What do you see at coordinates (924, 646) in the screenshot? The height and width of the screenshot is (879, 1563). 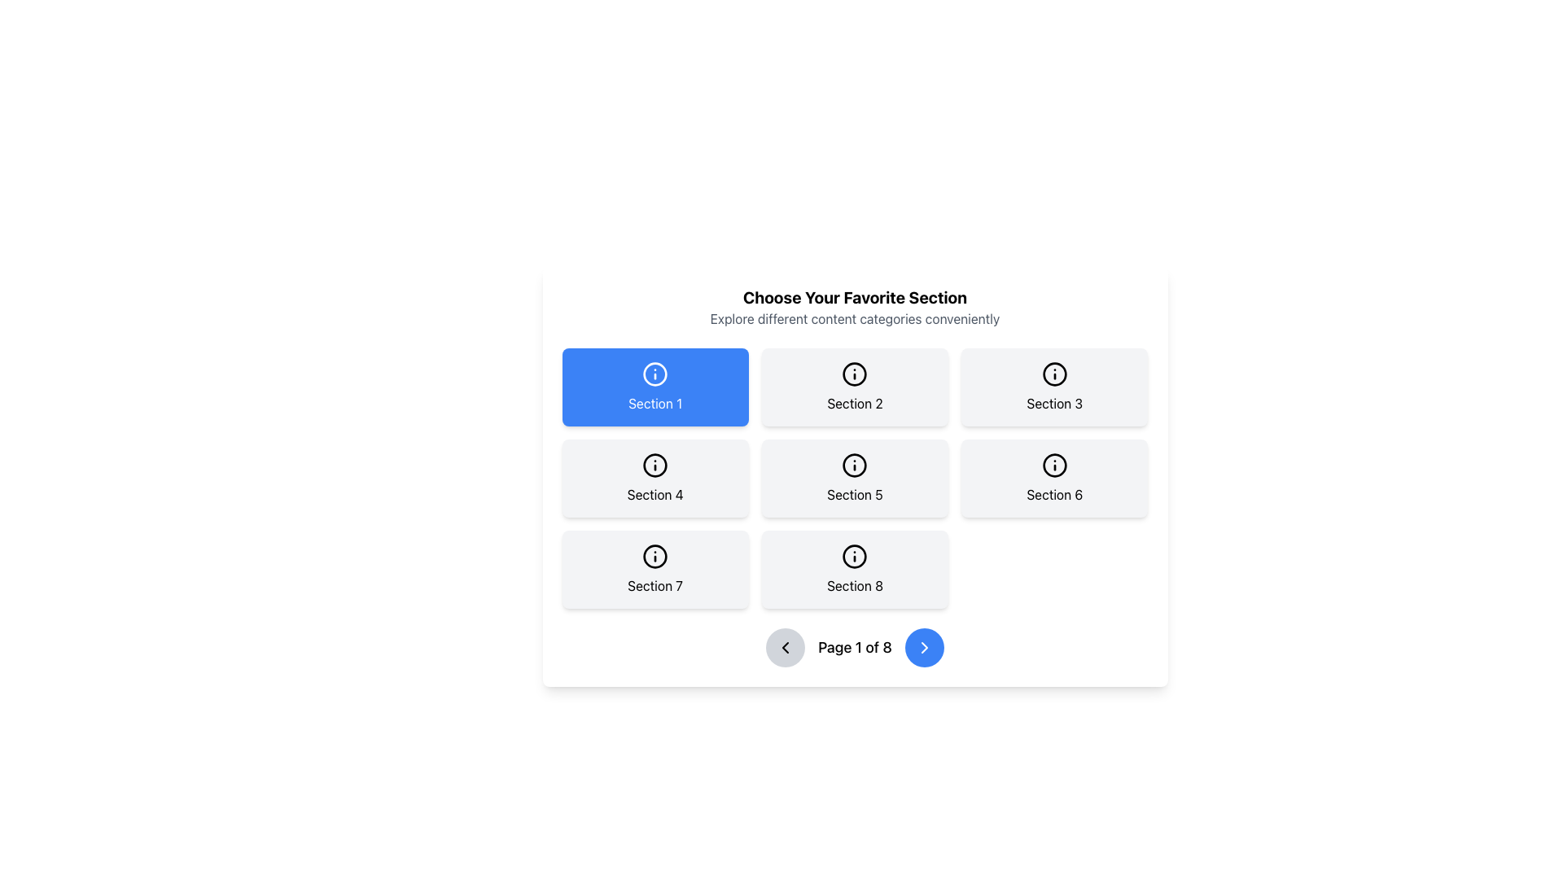 I see `the chevron icon embedded within the pagination control button located at the bottom right corner` at bounding box center [924, 646].